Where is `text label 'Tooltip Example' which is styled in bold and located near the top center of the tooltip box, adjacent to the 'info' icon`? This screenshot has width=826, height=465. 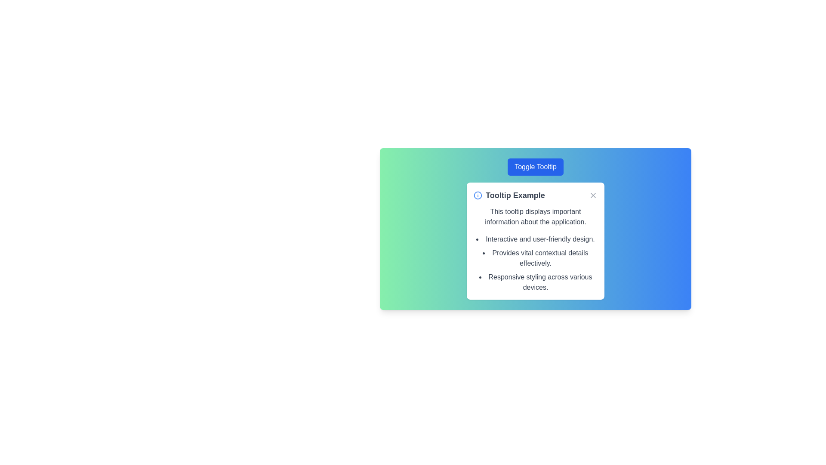 text label 'Tooltip Example' which is styled in bold and located near the top center of the tooltip box, adjacent to the 'info' icon is located at coordinates (509, 195).